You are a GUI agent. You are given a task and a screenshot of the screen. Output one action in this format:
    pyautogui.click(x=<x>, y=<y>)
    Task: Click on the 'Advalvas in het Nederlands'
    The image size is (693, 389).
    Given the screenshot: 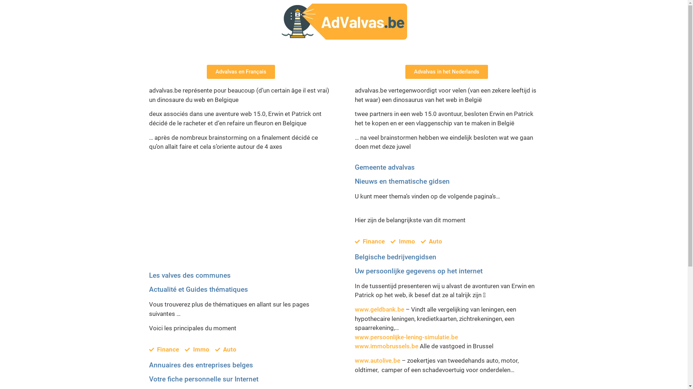 What is the action you would take?
    pyautogui.click(x=446, y=72)
    